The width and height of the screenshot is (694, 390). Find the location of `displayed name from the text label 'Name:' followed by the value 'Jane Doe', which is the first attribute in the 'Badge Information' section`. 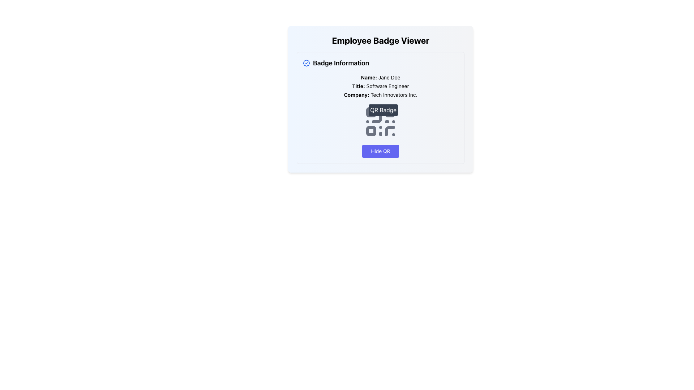

displayed name from the text label 'Name:' followed by the value 'Jane Doe', which is the first attribute in the 'Badge Information' section is located at coordinates (380, 78).